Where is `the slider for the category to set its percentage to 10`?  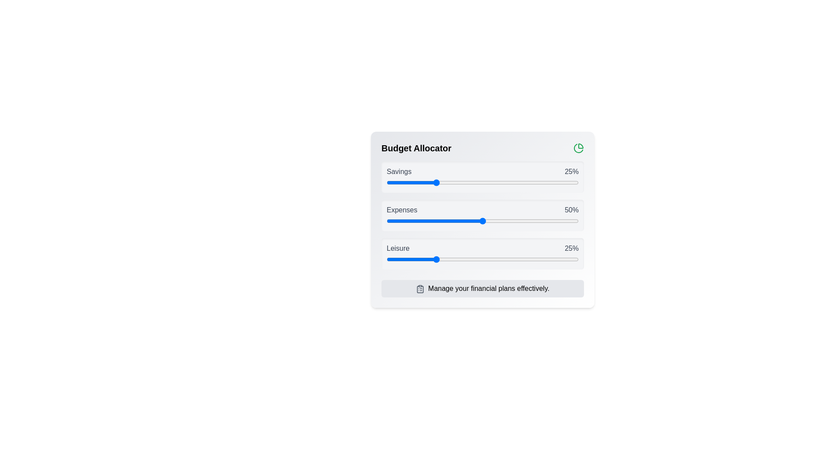
the slider for the category to set its percentage to 10 is located at coordinates (405, 182).